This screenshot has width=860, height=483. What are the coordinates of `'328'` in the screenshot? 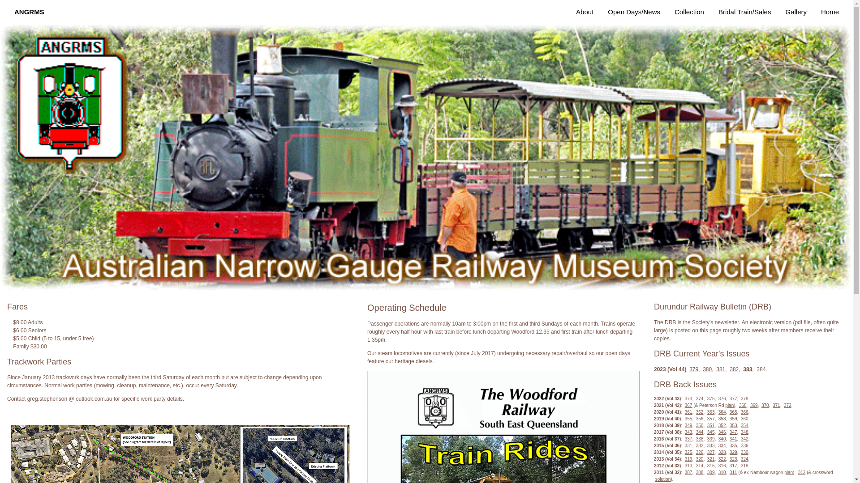 It's located at (722, 452).